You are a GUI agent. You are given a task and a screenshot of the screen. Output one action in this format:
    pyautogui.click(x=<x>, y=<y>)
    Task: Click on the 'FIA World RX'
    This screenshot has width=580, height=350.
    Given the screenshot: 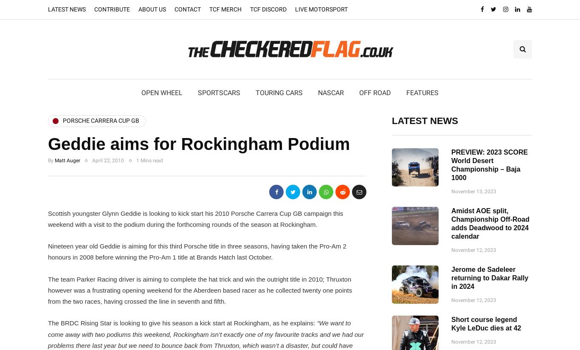 What is the action you would take?
    pyautogui.click(x=381, y=149)
    